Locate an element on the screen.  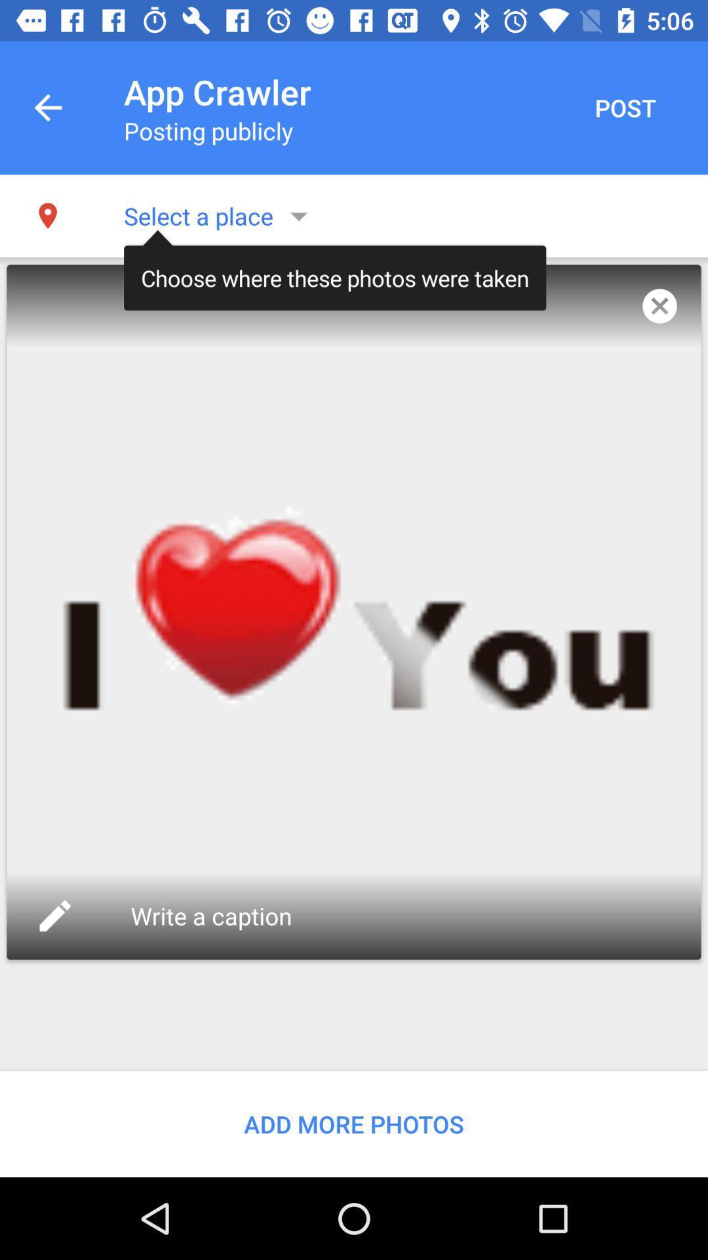
post item is located at coordinates (624, 108).